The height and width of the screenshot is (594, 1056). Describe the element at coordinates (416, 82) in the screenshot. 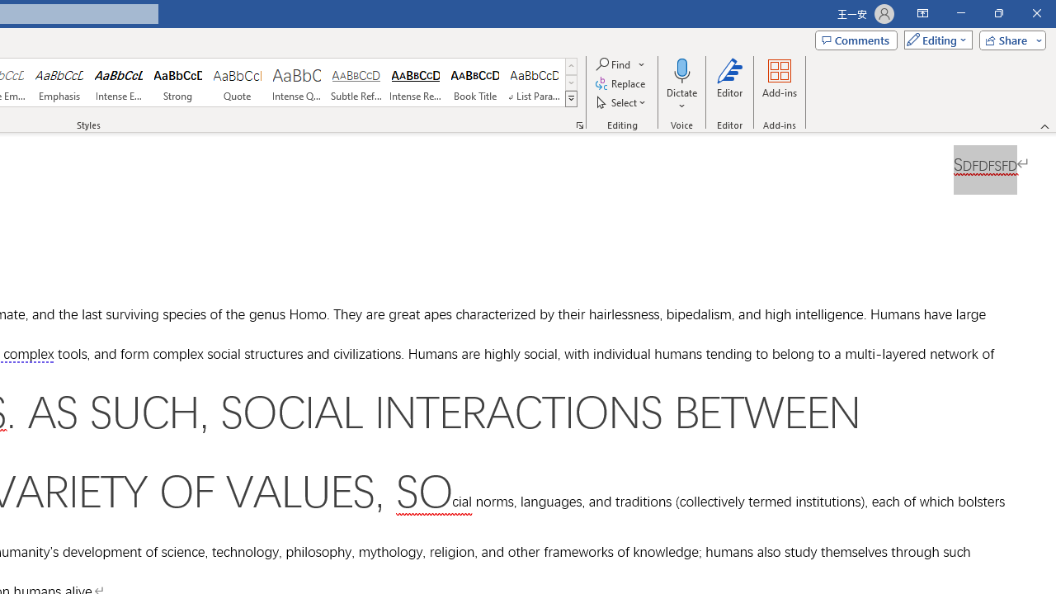

I see `'Intense Reference'` at that location.